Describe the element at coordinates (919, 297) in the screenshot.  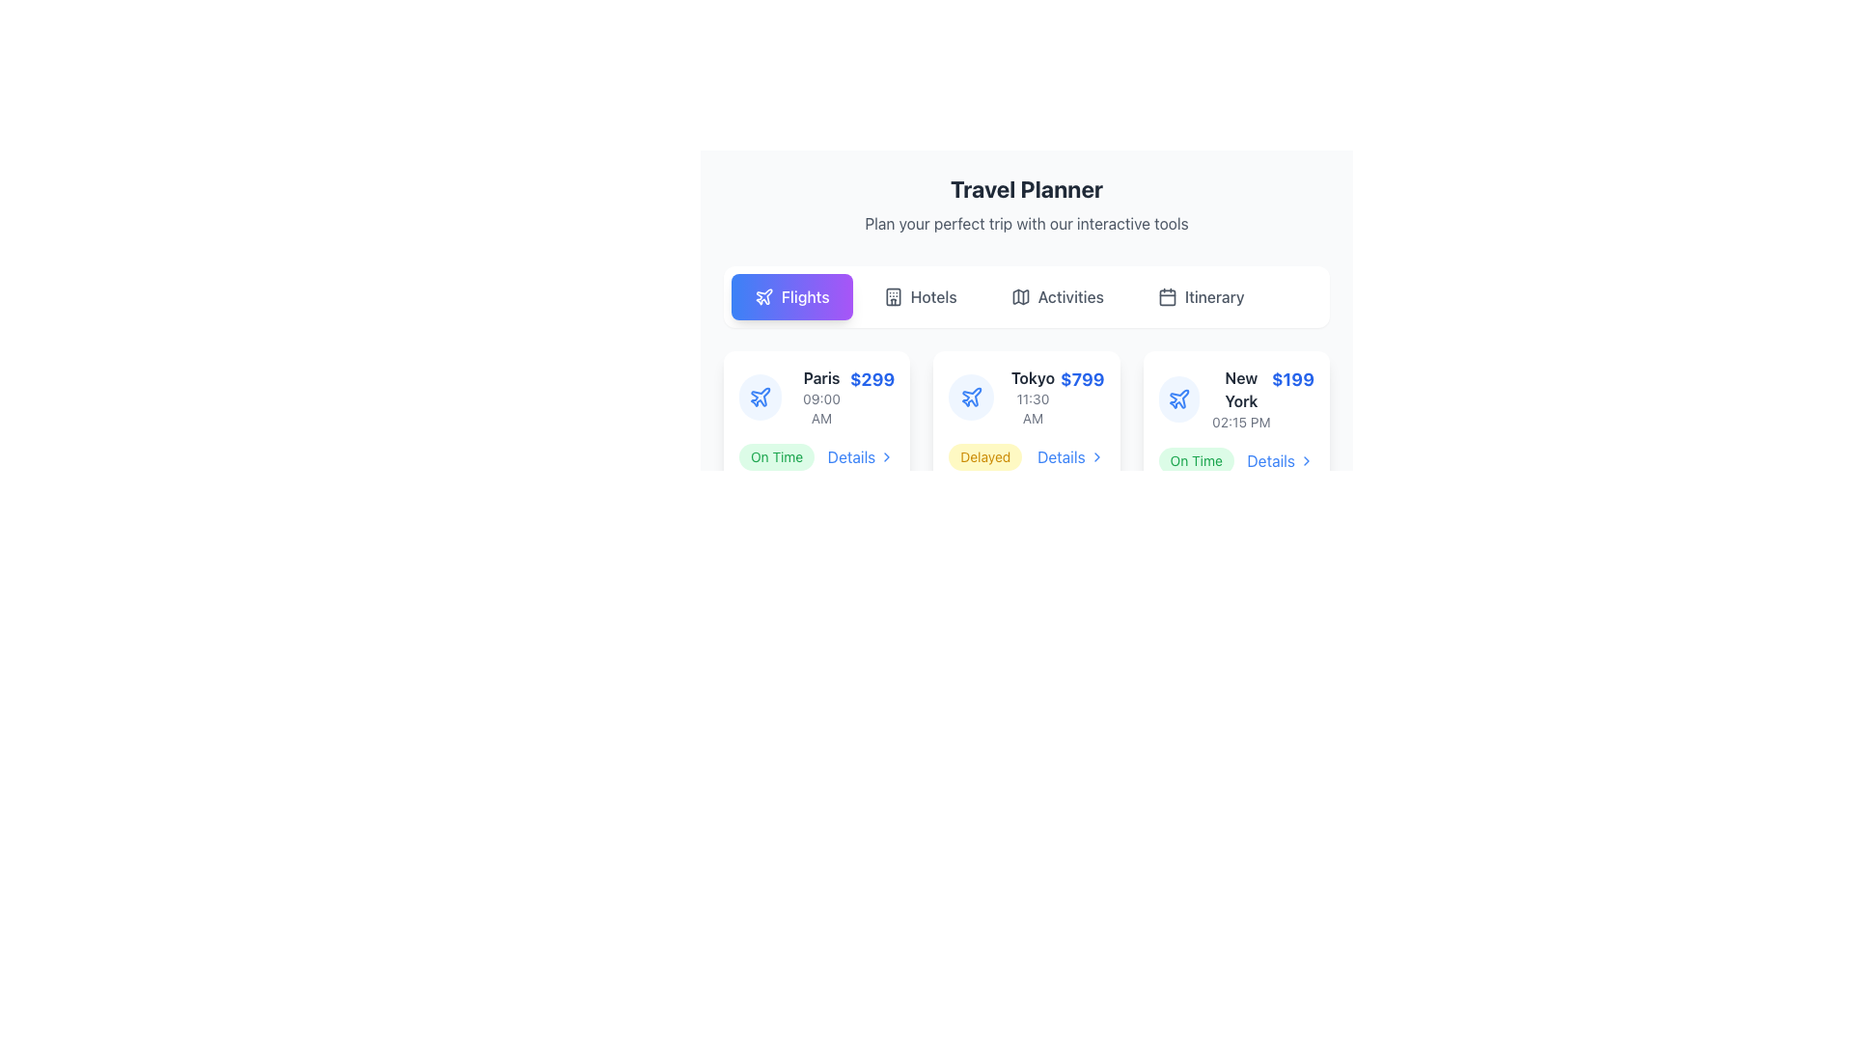
I see `the hotel details button located in the horizontal navigation bar` at that location.